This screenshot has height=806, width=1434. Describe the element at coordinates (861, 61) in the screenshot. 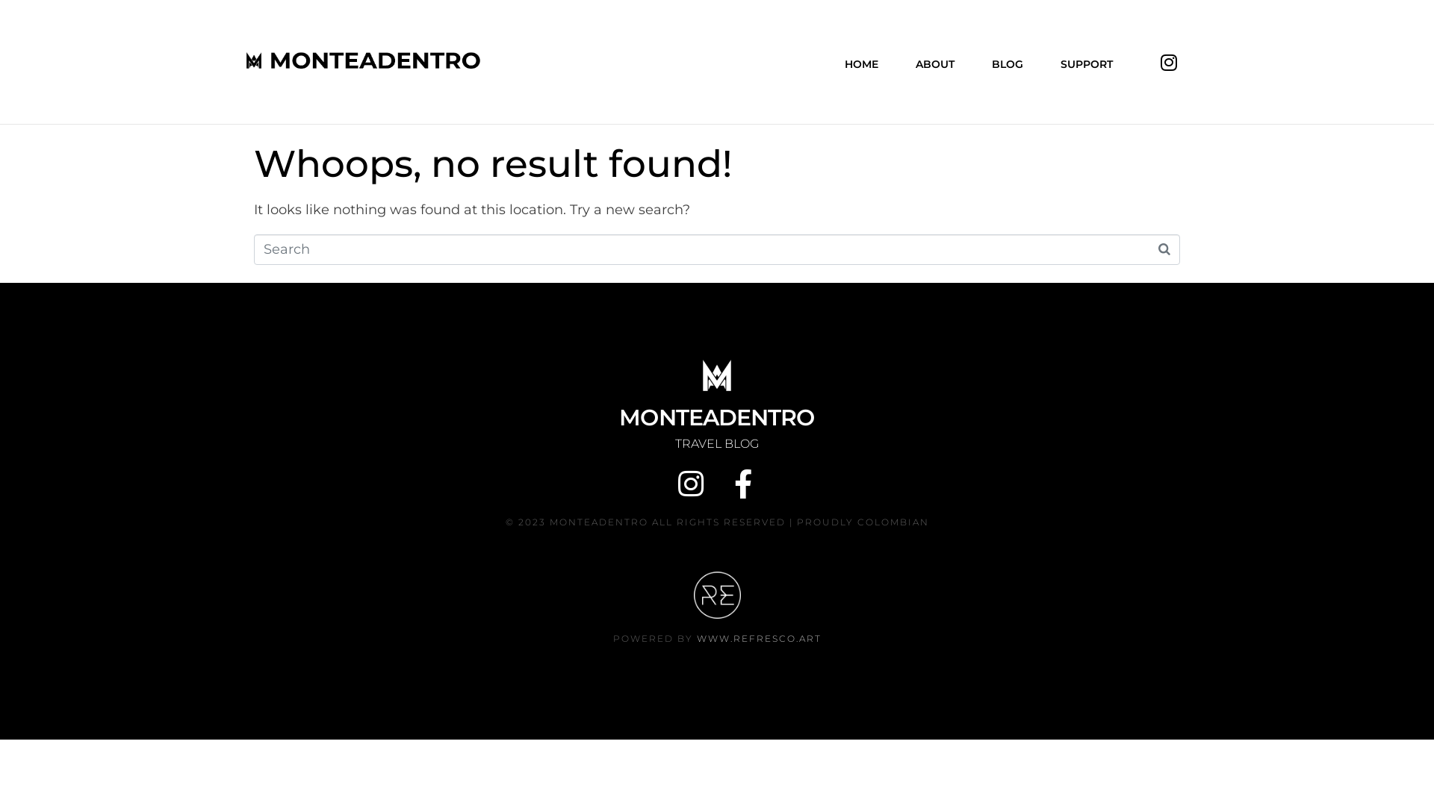

I see `'HOME'` at that location.